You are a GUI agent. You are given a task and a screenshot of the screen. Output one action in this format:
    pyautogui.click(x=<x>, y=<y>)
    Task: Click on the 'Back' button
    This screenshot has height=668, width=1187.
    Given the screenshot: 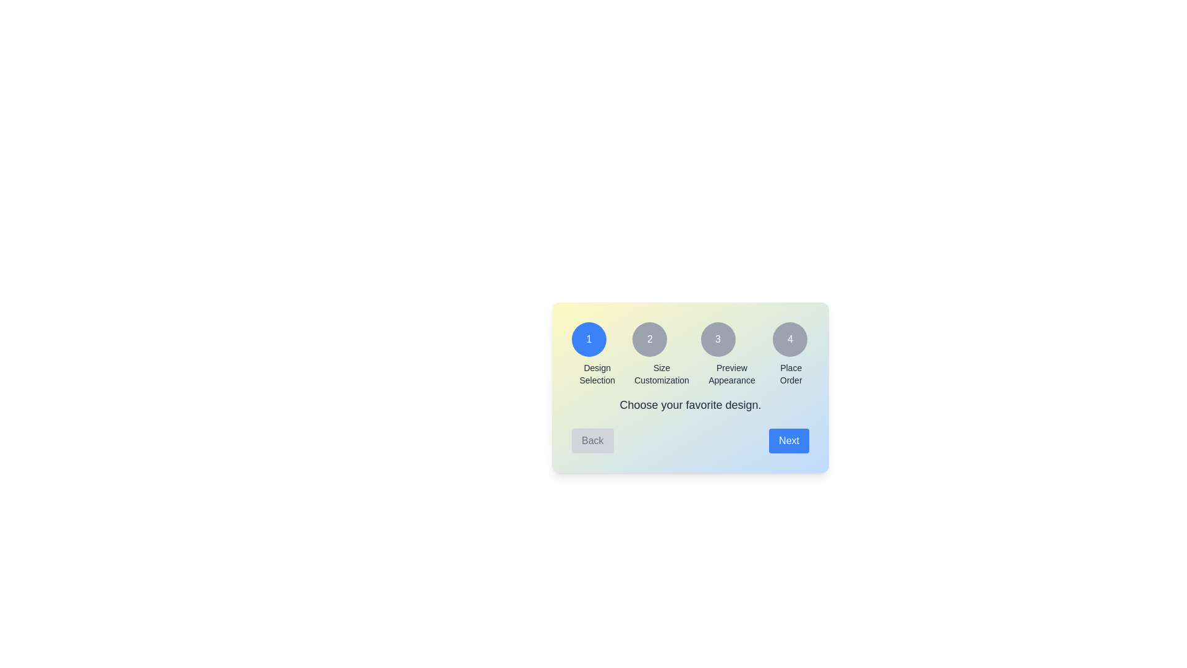 What is the action you would take?
    pyautogui.click(x=592, y=440)
    